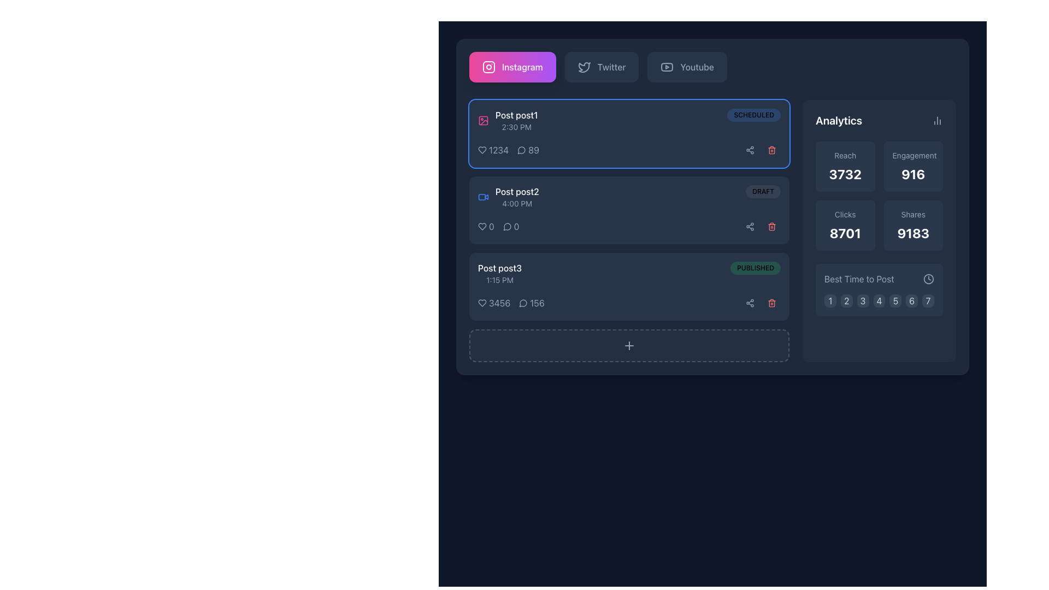  Describe the element at coordinates (516, 120) in the screenshot. I see `the Text display element that shows the title and timestamp of the first 'Post post1' entry in the posts list, located after a pink image icon` at that location.